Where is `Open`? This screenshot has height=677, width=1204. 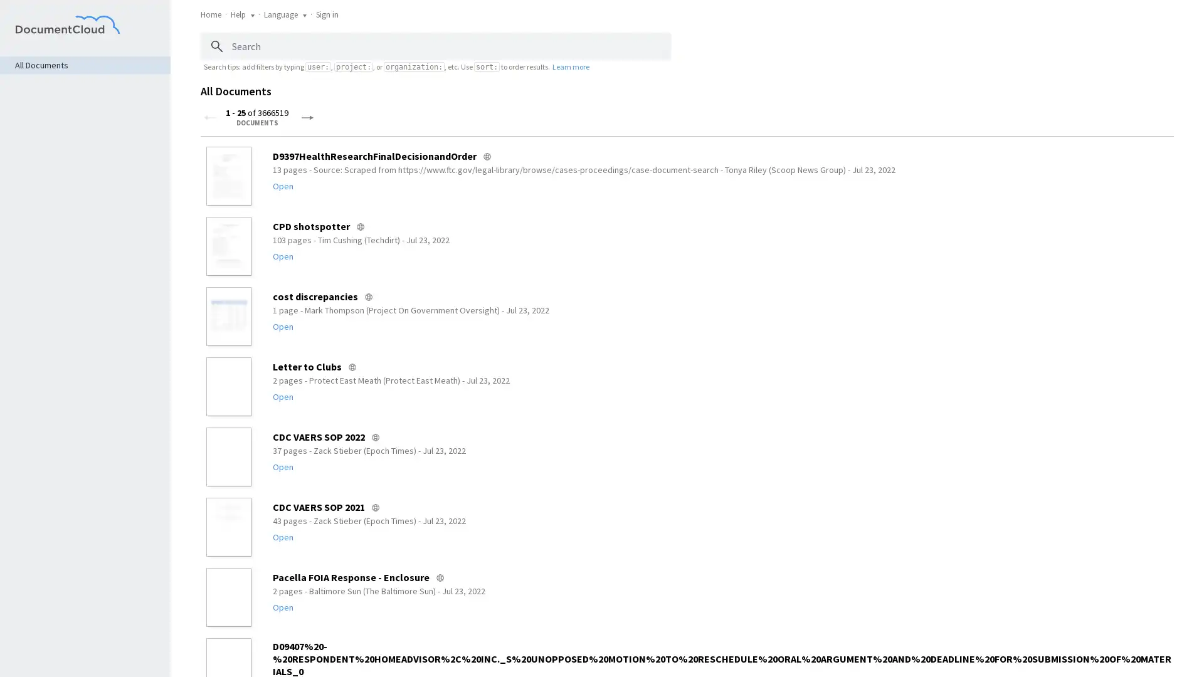
Open is located at coordinates (282, 466).